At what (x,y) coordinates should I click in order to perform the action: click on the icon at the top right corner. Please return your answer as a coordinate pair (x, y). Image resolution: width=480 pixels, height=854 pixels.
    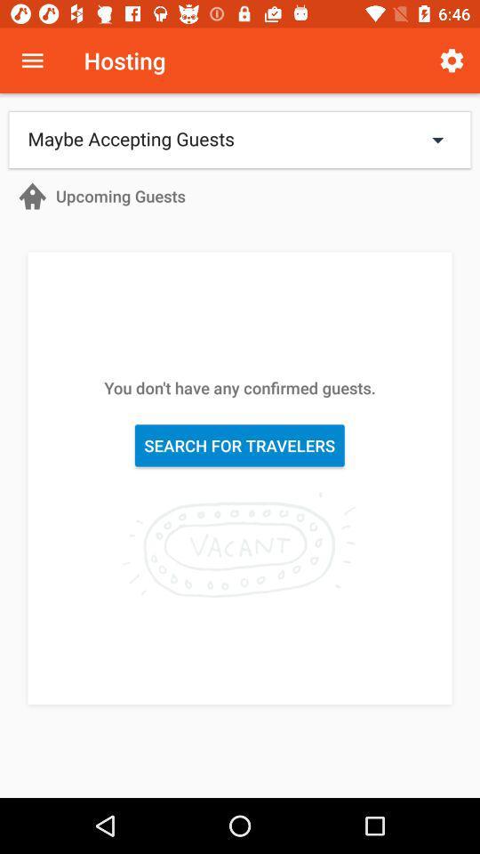
    Looking at the image, I should click on (452, 60).